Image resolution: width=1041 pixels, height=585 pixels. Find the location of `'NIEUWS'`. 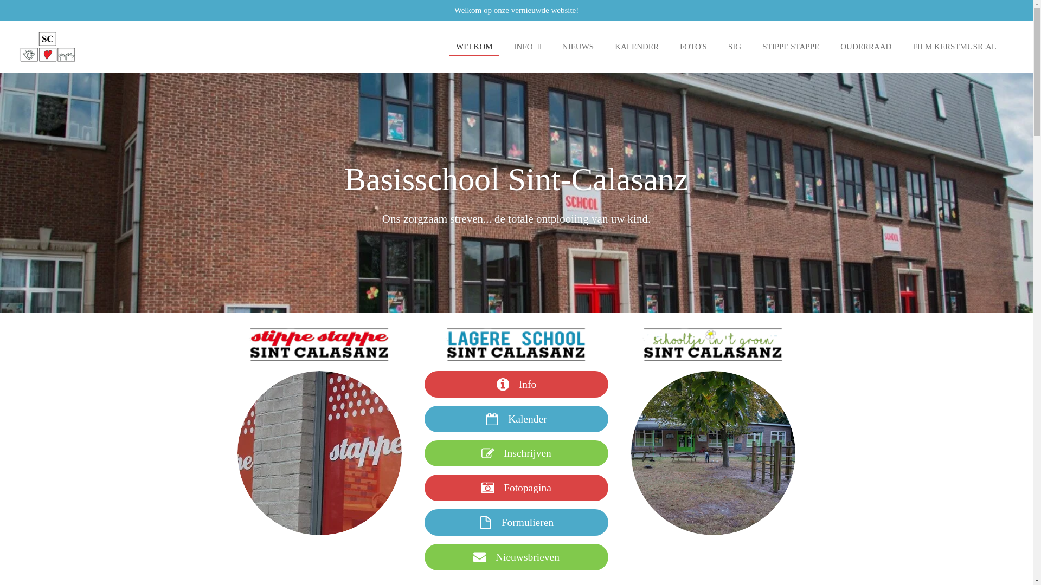

'NIEUWS' is located at coordinates (577, 46).